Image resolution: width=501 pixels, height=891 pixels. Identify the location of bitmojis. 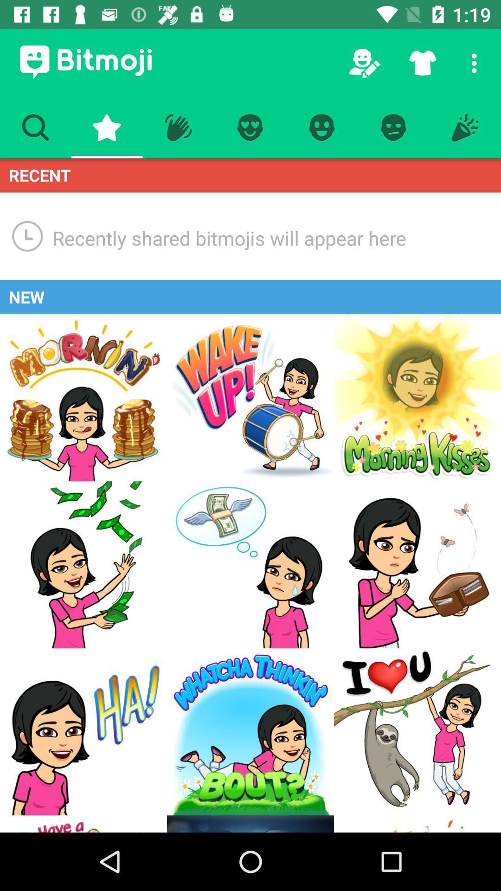
(417, 398).